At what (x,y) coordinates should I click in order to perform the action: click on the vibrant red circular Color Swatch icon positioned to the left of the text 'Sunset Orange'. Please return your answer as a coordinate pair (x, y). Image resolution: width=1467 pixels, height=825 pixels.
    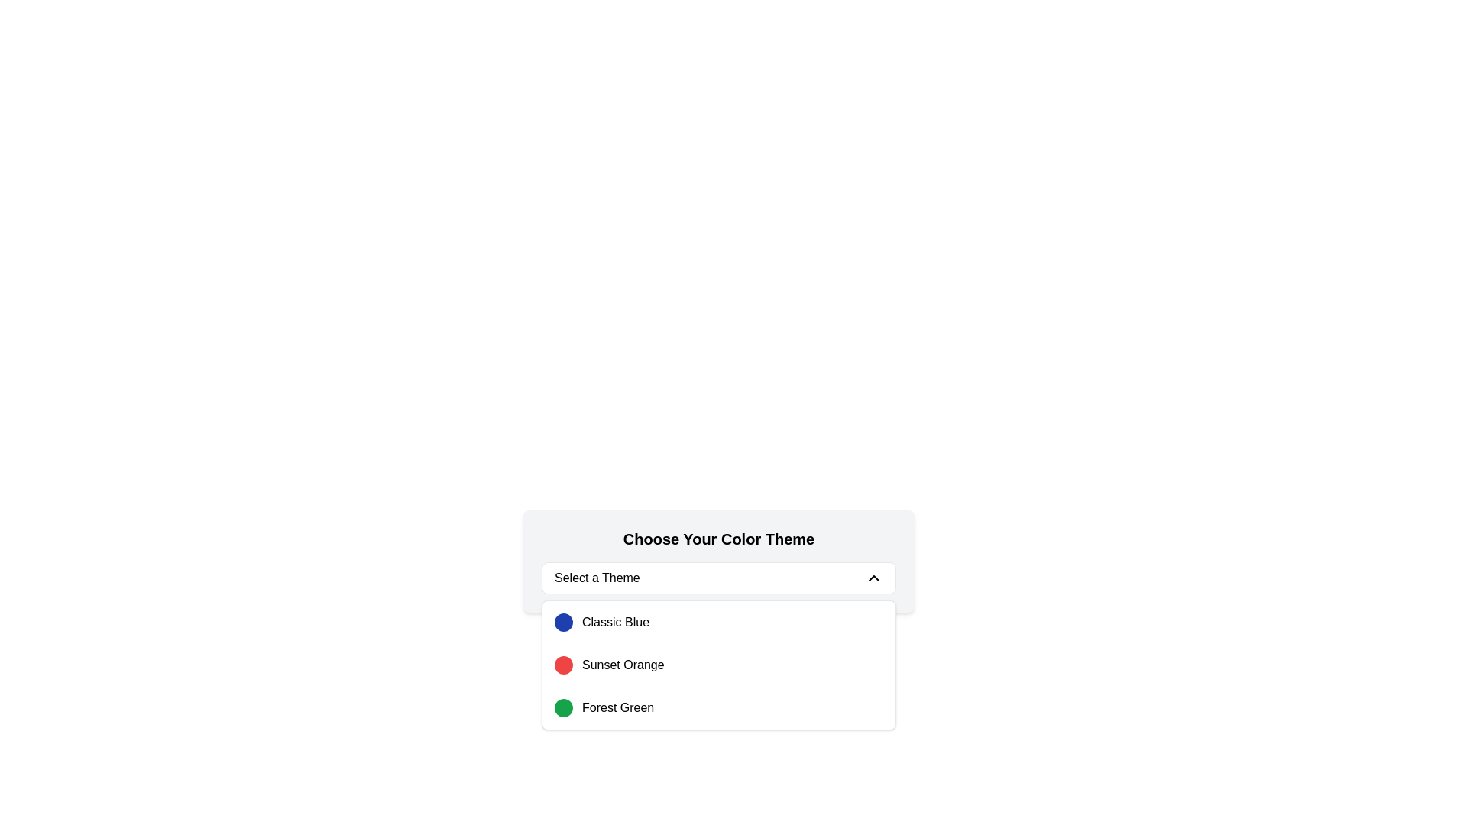
    Looking at the image, I should click on (563, 665).